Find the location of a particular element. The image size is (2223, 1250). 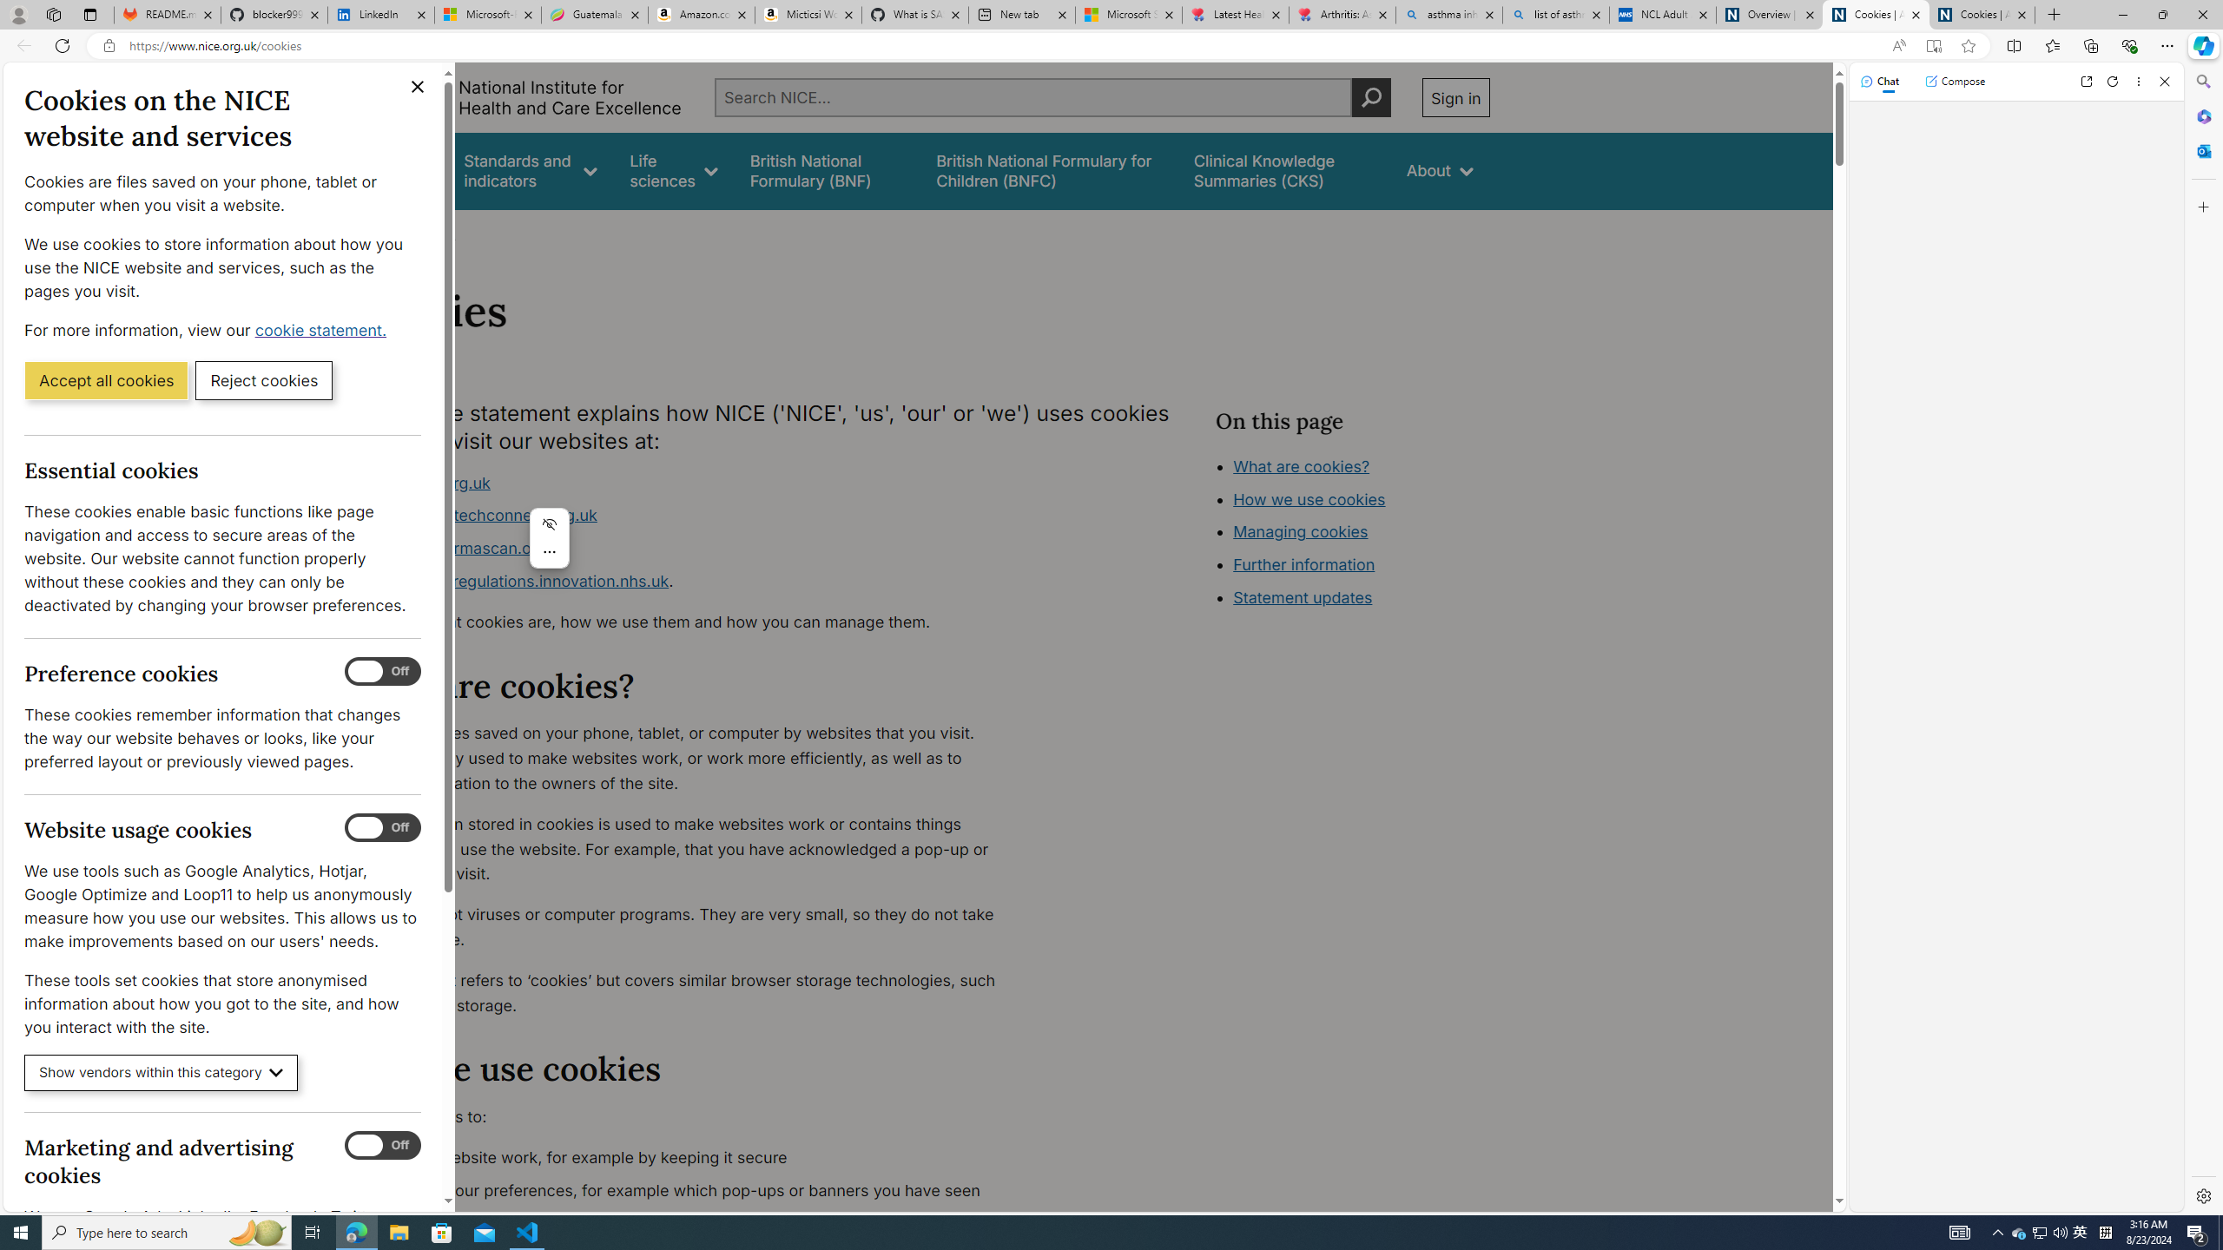

'LinkedIn' is located at coordinates (381, 14).